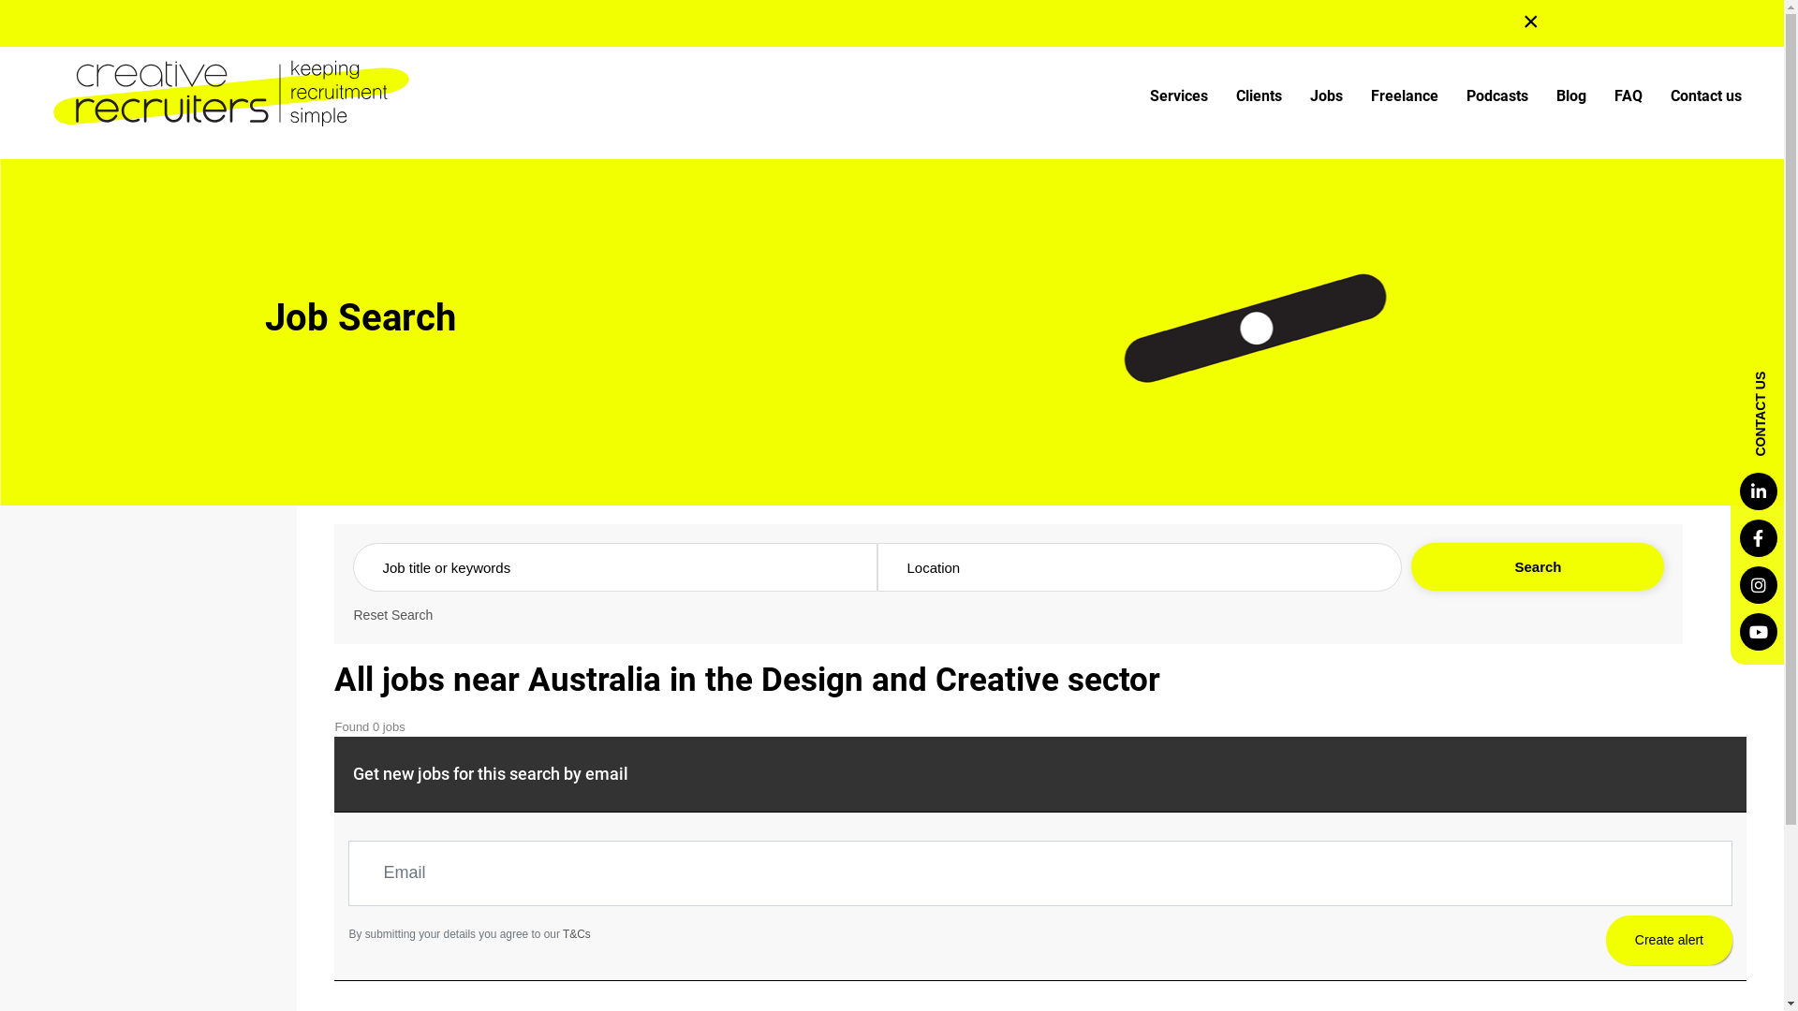 This screenshot has height=1011, width=1798. What do you see at coordinates (1599, 96) in the screenshot?
I see `'FAQ'` at bounding box center [1599, 96].